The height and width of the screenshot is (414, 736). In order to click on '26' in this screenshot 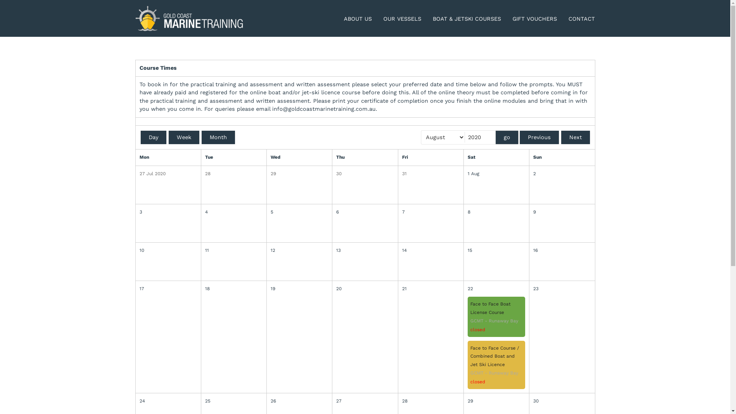, I will do `click(270, 401)`.